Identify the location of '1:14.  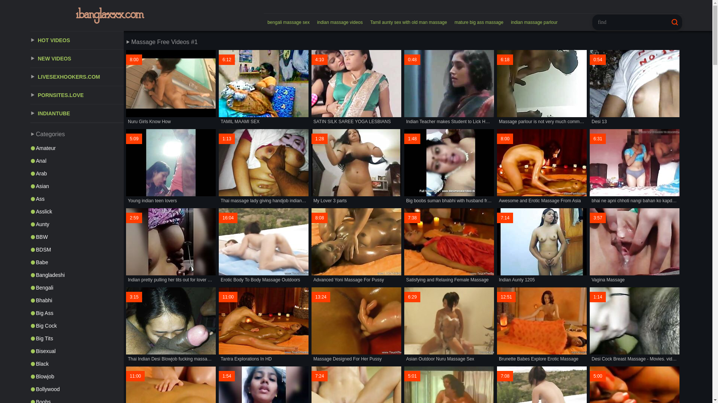
(589, 325).